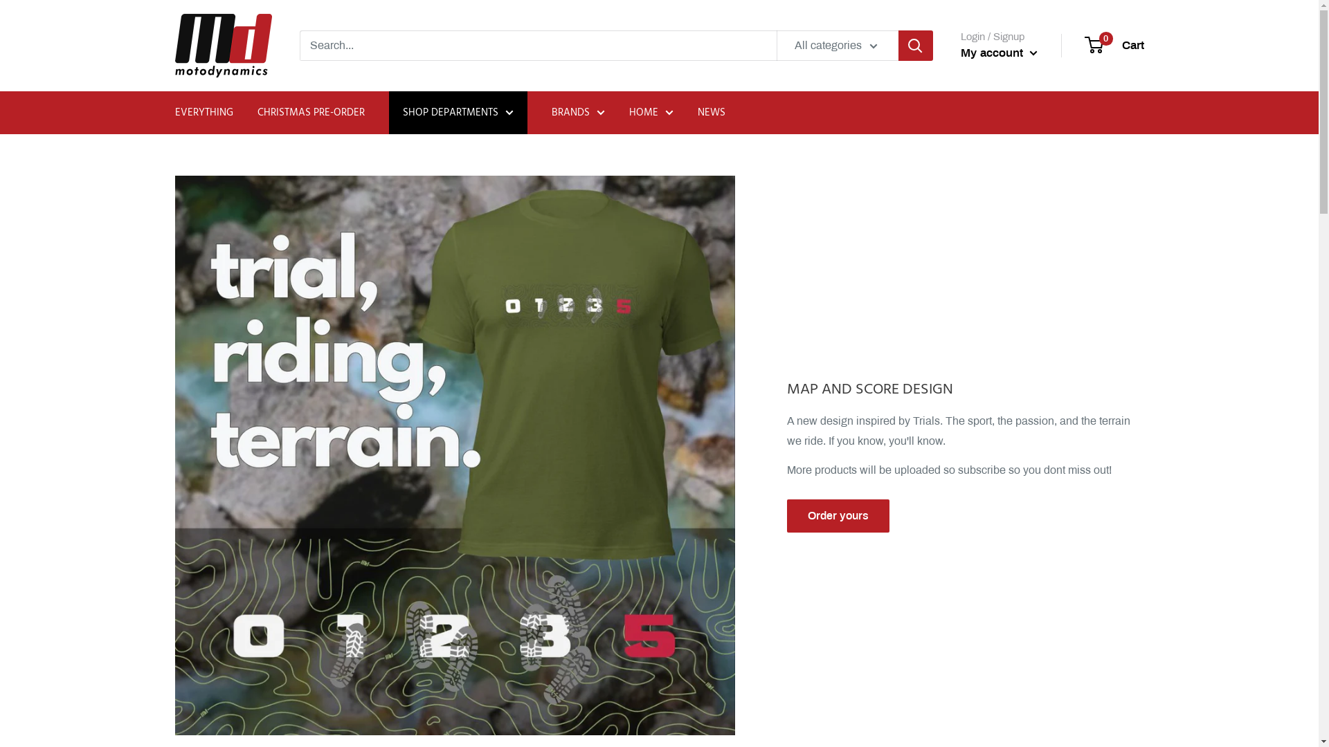  I want to click on 'SHOP DEPARTMENTS', so click(458, 111).